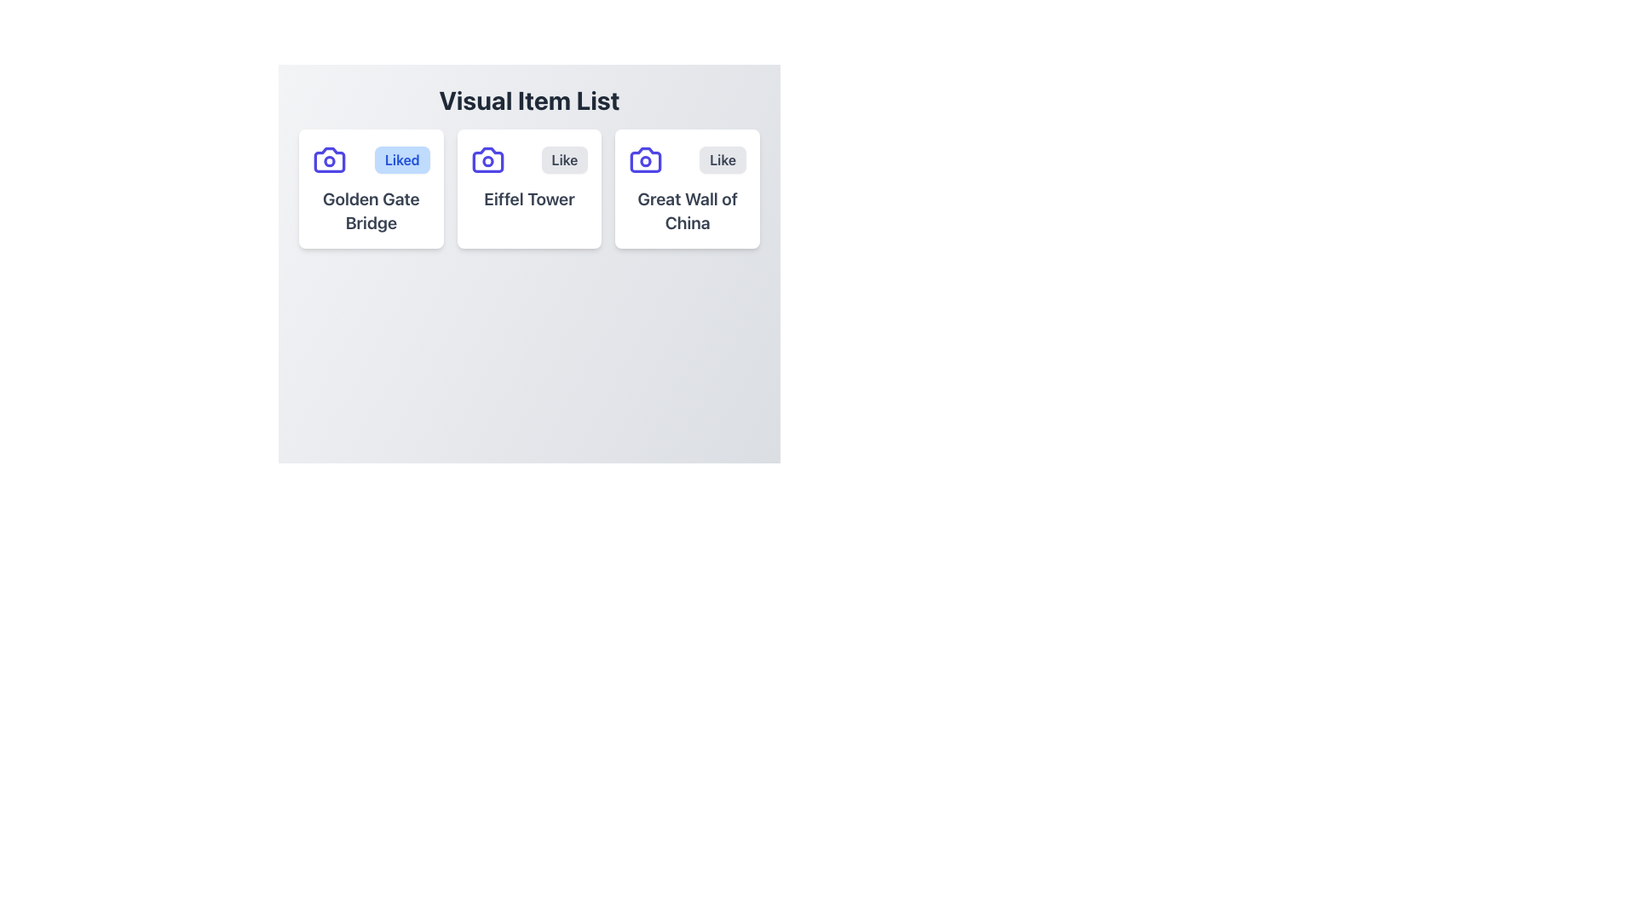 The width and height of the screenshot is (1636, 920). Describe the element at coordinates (723, 160) in the screenshot. I see `the 'Like' button, which is a compact rectangular UI component with rounded corners, located at the top-right corner of the third item in the 'Visual Item List', to like the item` at that location.